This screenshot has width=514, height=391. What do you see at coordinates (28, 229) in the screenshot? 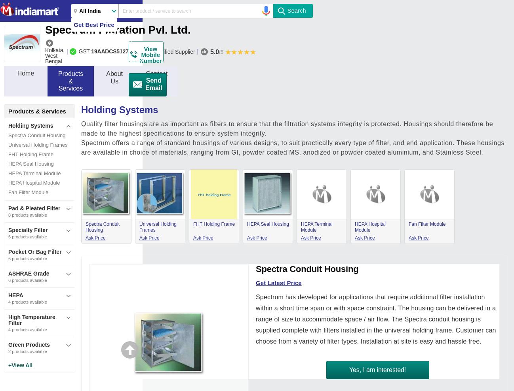
I see `'Specialty Filter'` at bounding box center [28, 229].